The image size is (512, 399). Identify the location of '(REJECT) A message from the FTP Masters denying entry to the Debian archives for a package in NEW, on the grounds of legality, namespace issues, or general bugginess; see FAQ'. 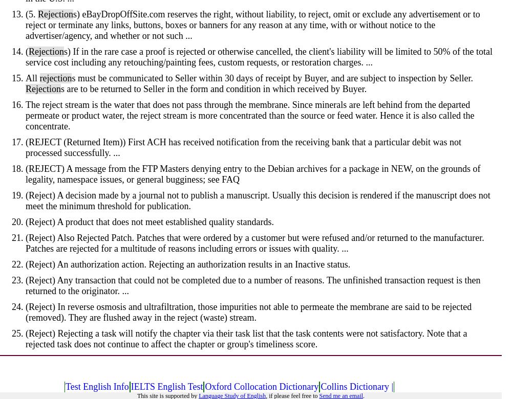
(26, 173).